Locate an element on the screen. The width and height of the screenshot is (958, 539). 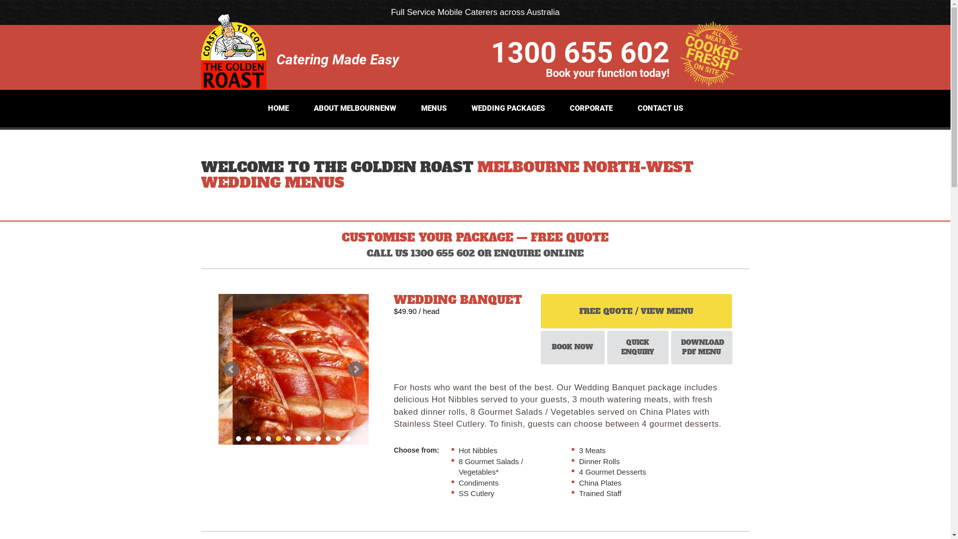
'10' is located at coordinates (328, 438).